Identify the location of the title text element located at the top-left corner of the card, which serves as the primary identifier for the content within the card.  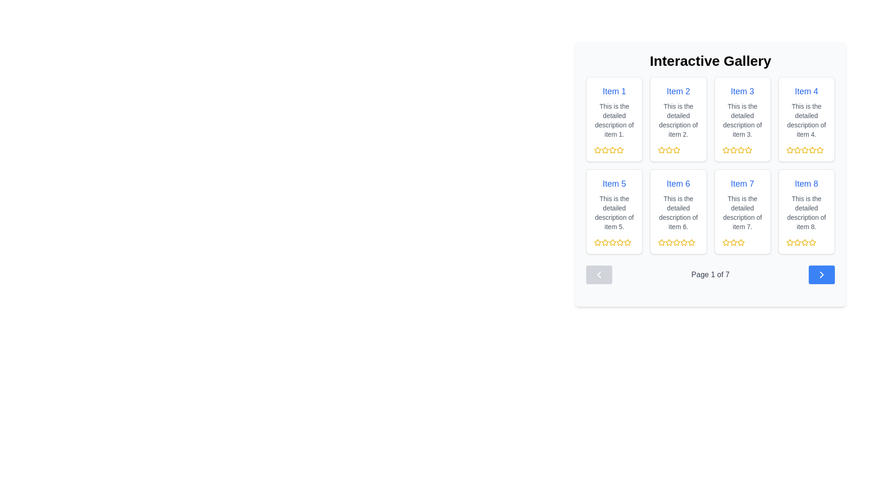
(614, 91).